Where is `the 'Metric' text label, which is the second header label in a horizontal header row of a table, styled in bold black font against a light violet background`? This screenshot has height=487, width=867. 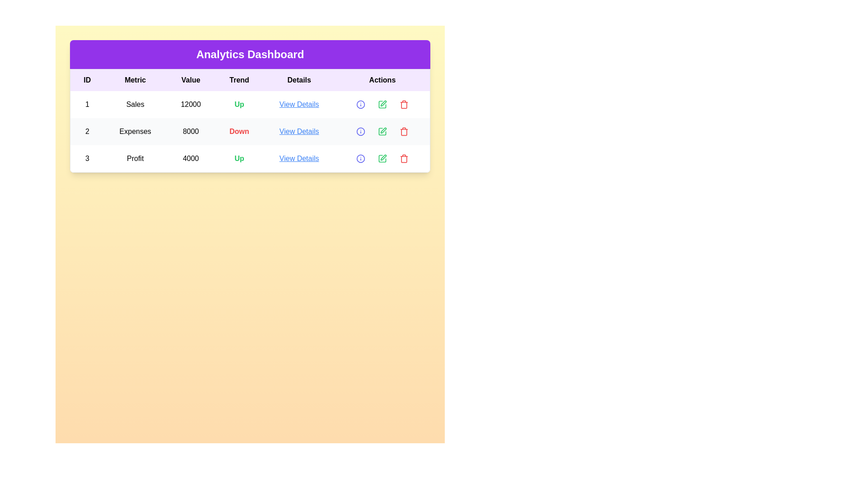
the 'Metric' text label, which is the second header label in a horizontal header row of a table, styled in bold black font against a light violet background is located at coordinates (135, 79).